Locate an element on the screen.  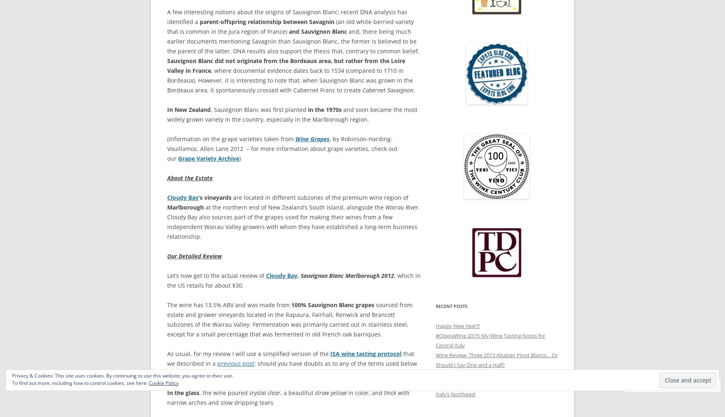
', Sauvignon Blanc was first planted' is located at coordinates (259, 109).